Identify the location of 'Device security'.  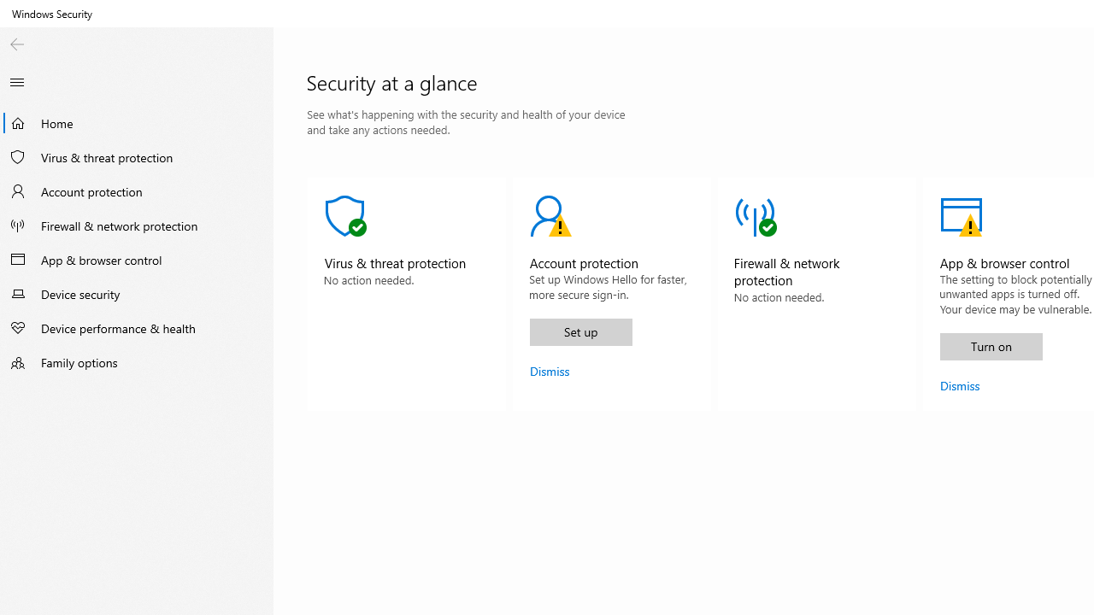
(137, 293).